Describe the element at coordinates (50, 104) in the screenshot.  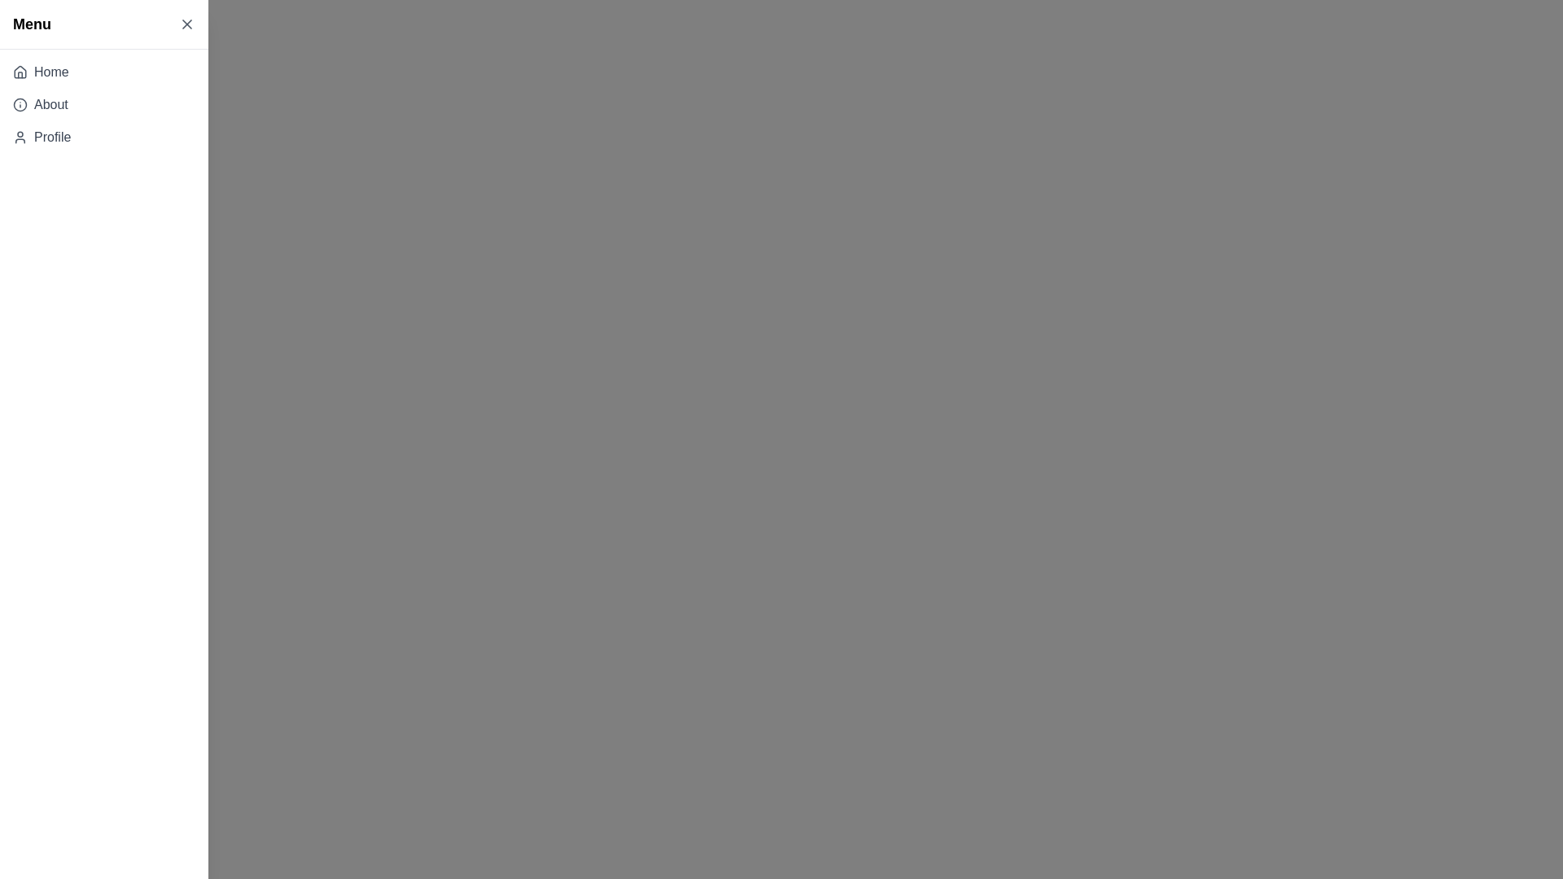
I see `the 'About' text button located in the vertical menu of the left sidebar` at that location.